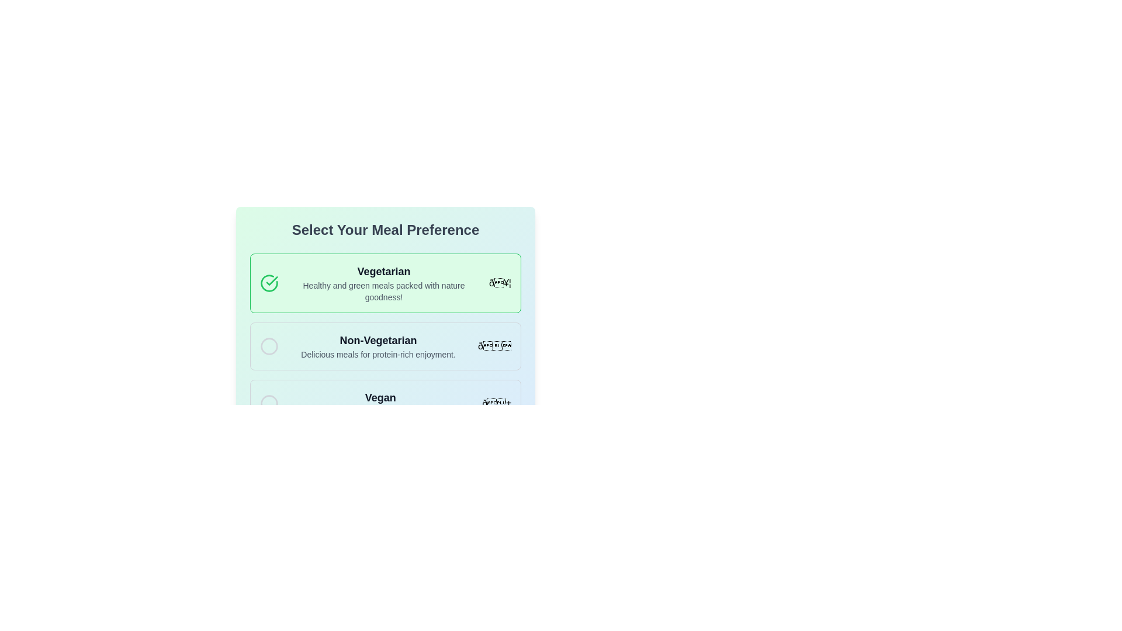  What do you see at coordinates (268, 403) in the screenshot?
I see `the radio button located to the left of the 'Vegan' text to receive focus indication` at bounding box center [268, 403].